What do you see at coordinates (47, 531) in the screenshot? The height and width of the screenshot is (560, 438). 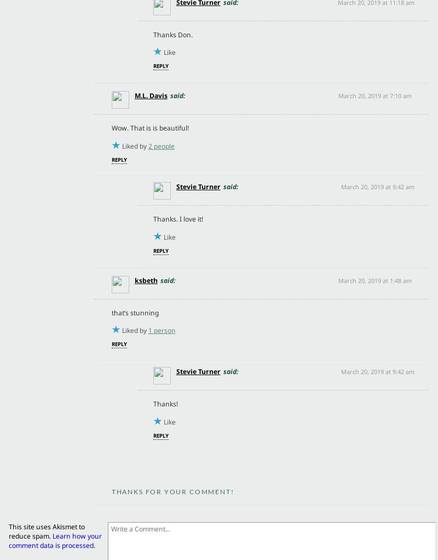 I see `'This site uses Akismet to reduce spam.'` at bounding box center [47, 531].